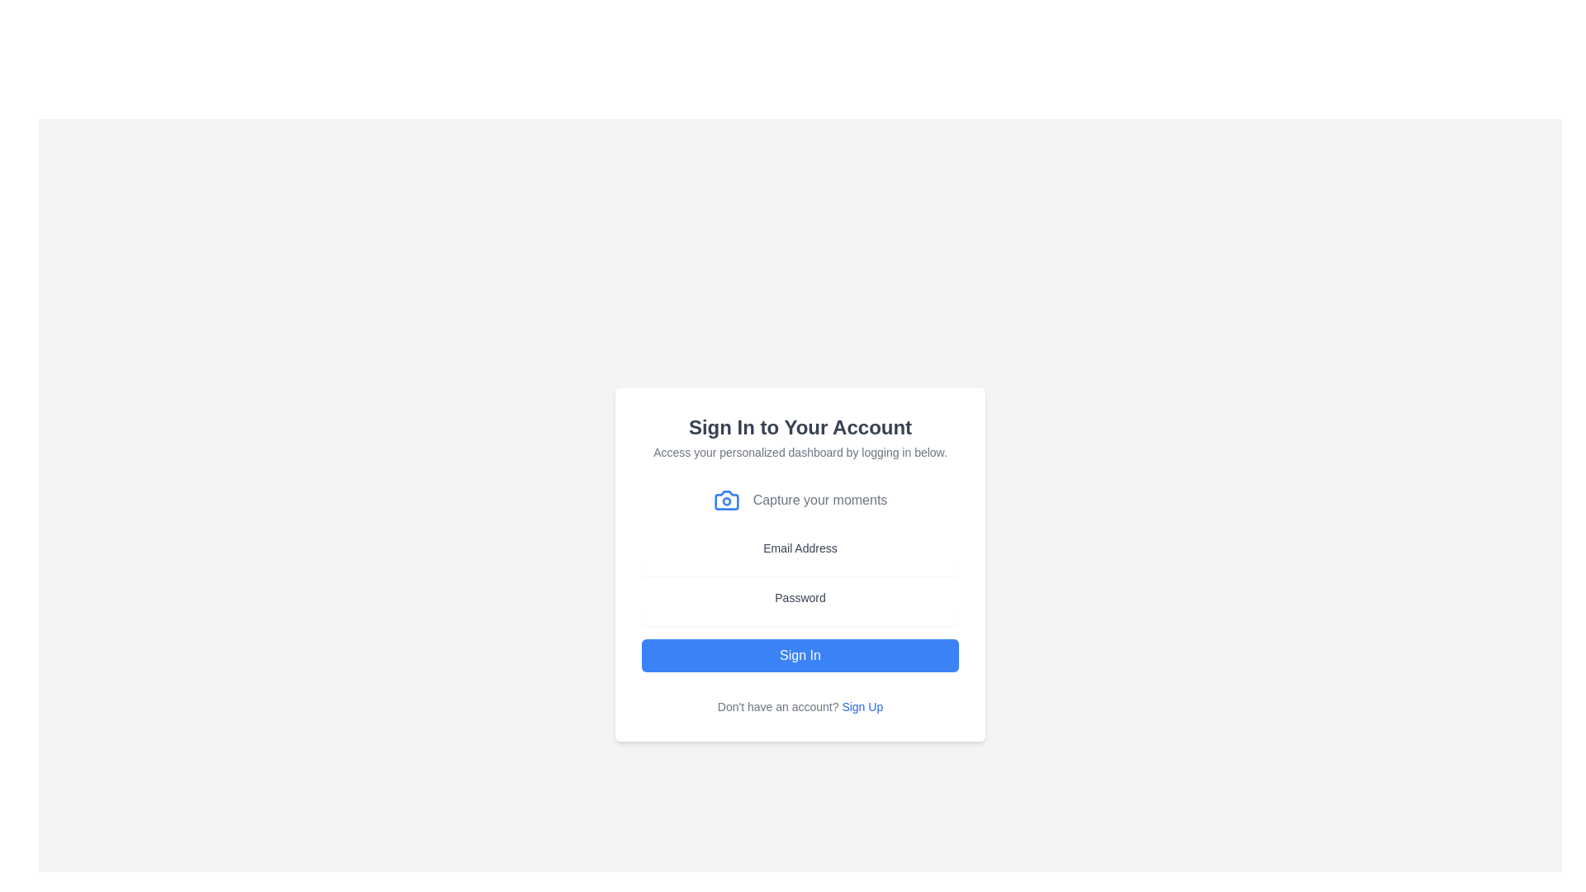 This screenshot has height=892, width=1586. I want to click on the icon that represents the action of capturing images, located directly to the left of the text 'Capture your moments', so click(726, 499).